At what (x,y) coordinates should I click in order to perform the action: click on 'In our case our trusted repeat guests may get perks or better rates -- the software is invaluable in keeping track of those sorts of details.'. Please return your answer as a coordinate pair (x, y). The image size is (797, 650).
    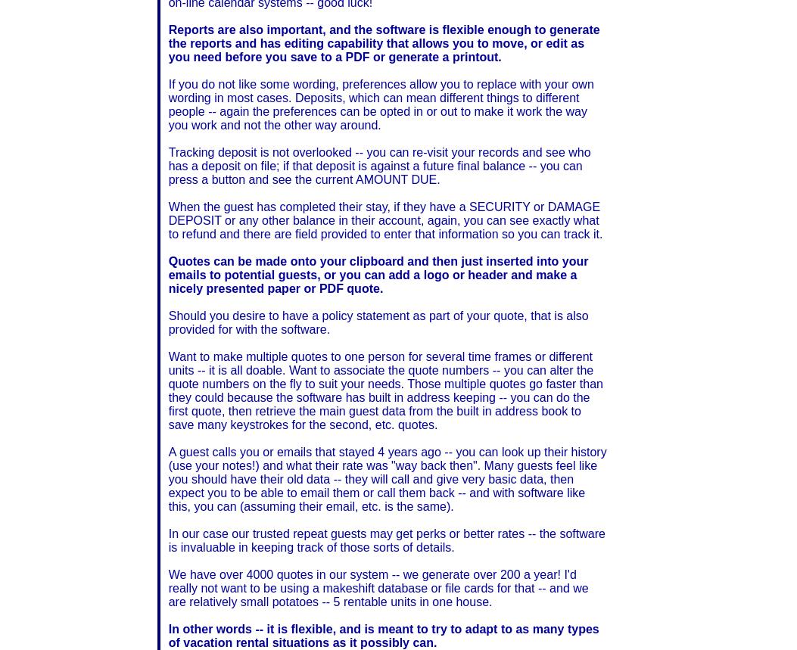
    Looking at the image, I should click on (386, 540).